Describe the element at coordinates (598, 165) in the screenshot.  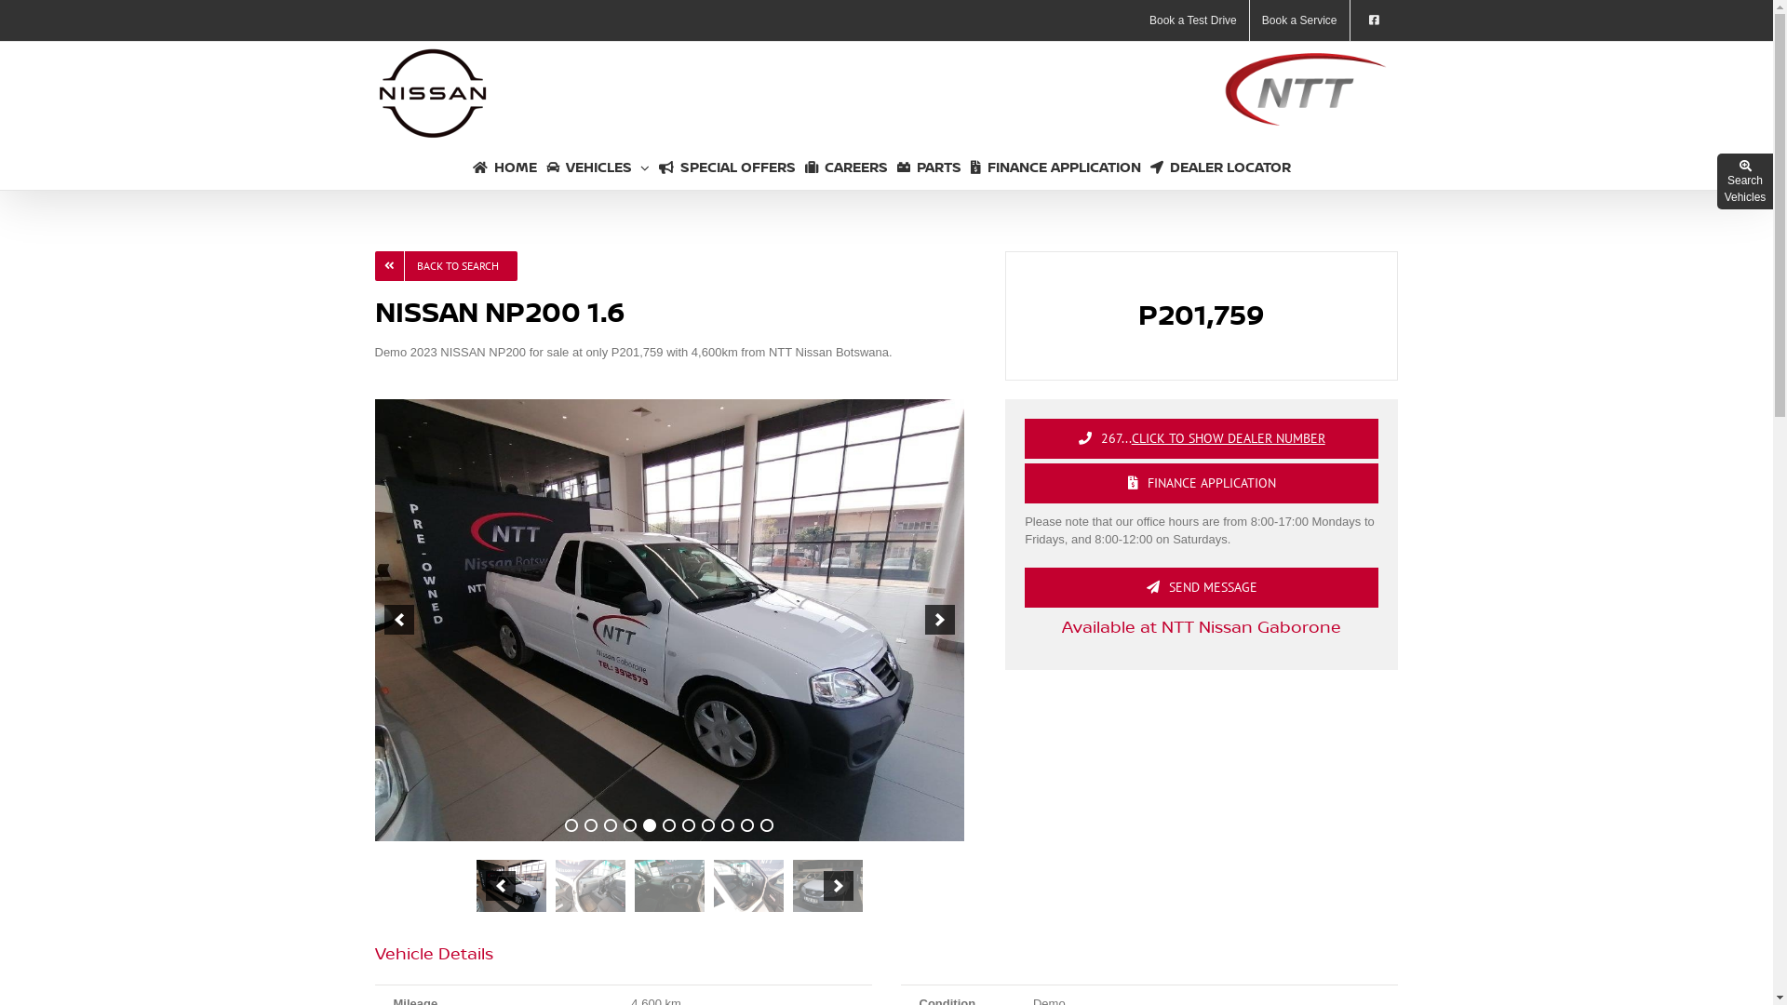
I see `'VEHICLES'` at that location.